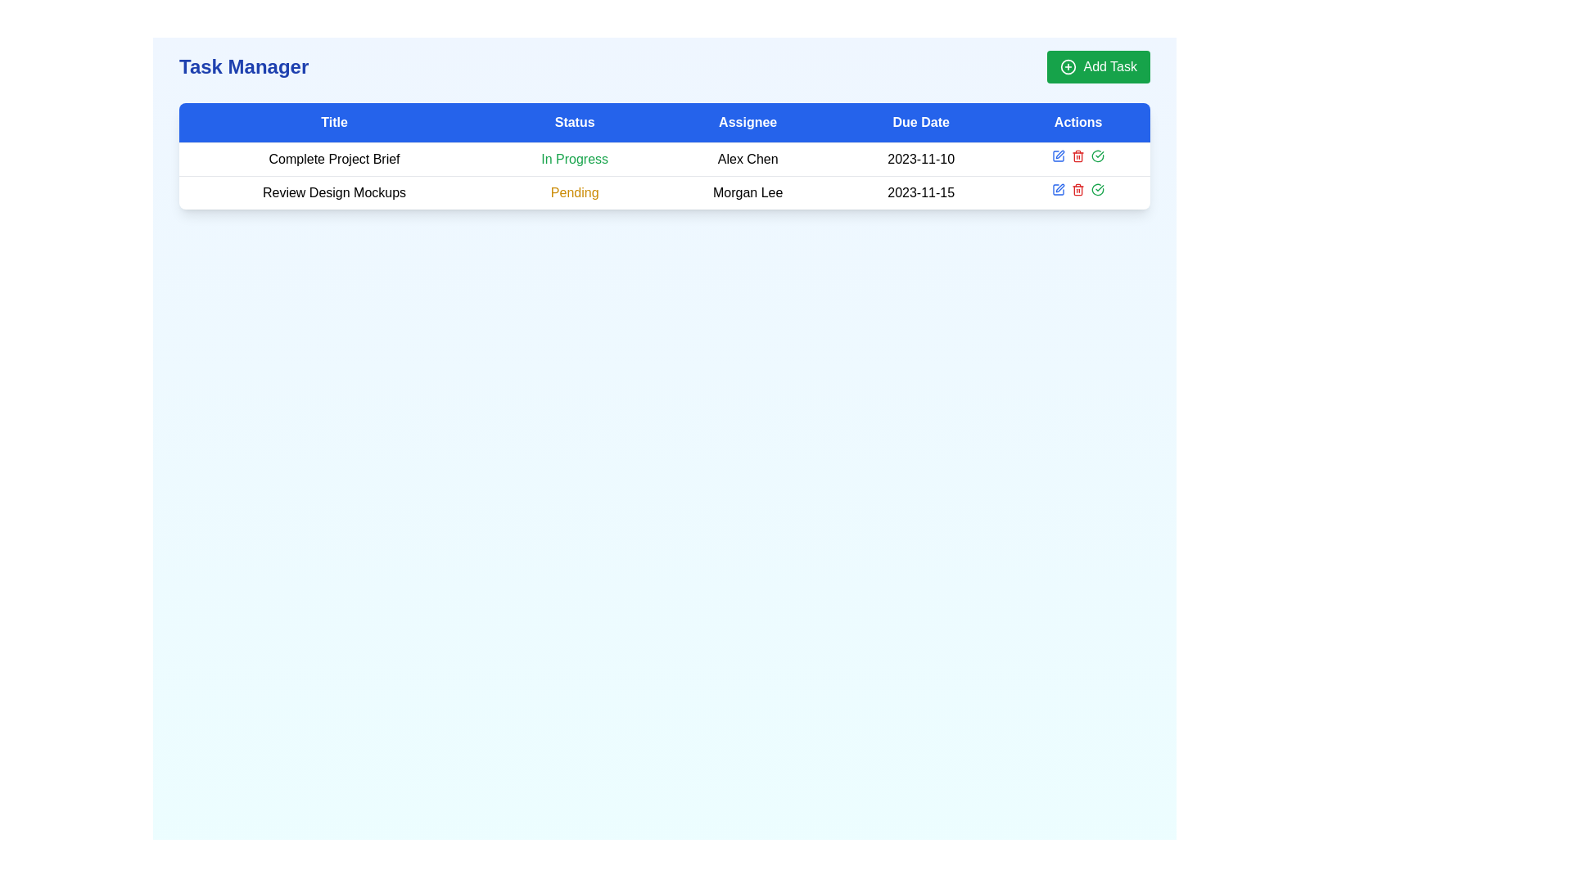 The image size is (1572, 884). I want to click on the green circular icon with a white plus sign located to the left of the 'Add Task' button in the top-right corner of the interface, so click(1068, 65).